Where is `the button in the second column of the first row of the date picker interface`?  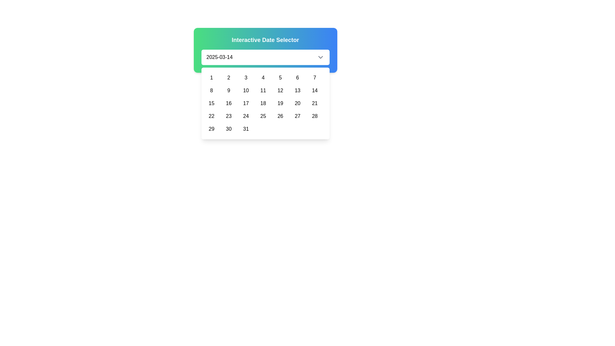 the button in the second column of the first row of the date picker interface is located at coordinates (229, 78).